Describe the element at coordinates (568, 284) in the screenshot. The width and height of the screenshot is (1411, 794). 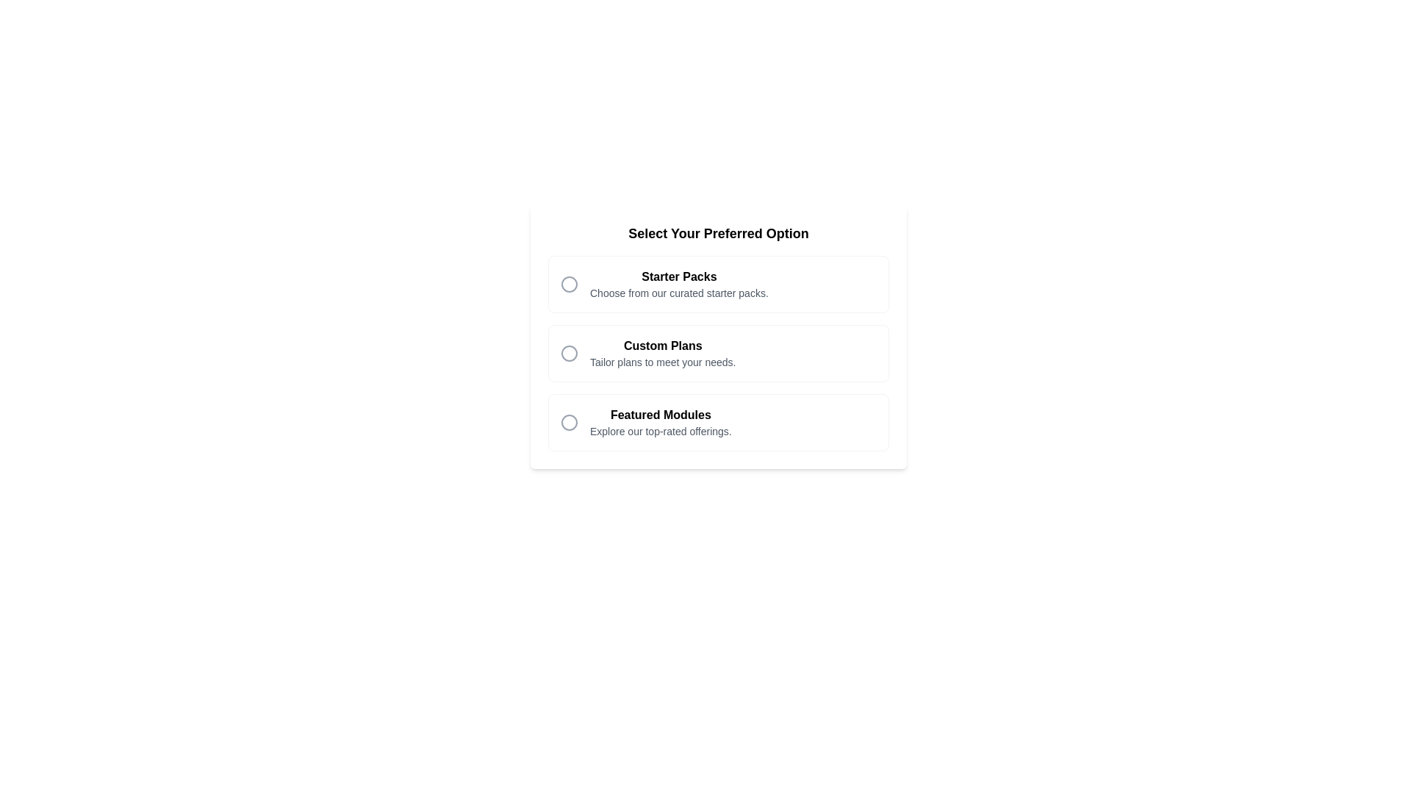
I see `the circular icon styled as a ring, which is located next to the text 'Starter Packs' in the topmost option of a vertically stacked list` at that location.